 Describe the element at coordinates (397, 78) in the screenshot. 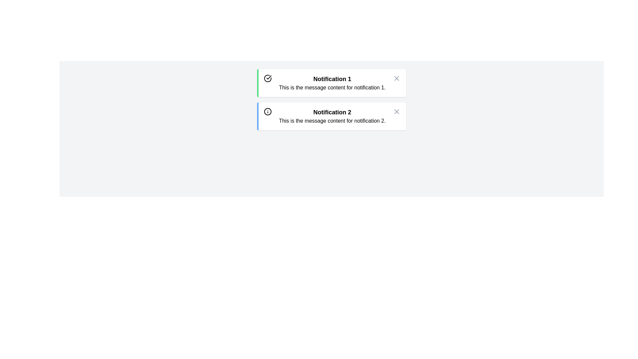

I see `the cross icon in the top-right corner of the first notification card` at that location.